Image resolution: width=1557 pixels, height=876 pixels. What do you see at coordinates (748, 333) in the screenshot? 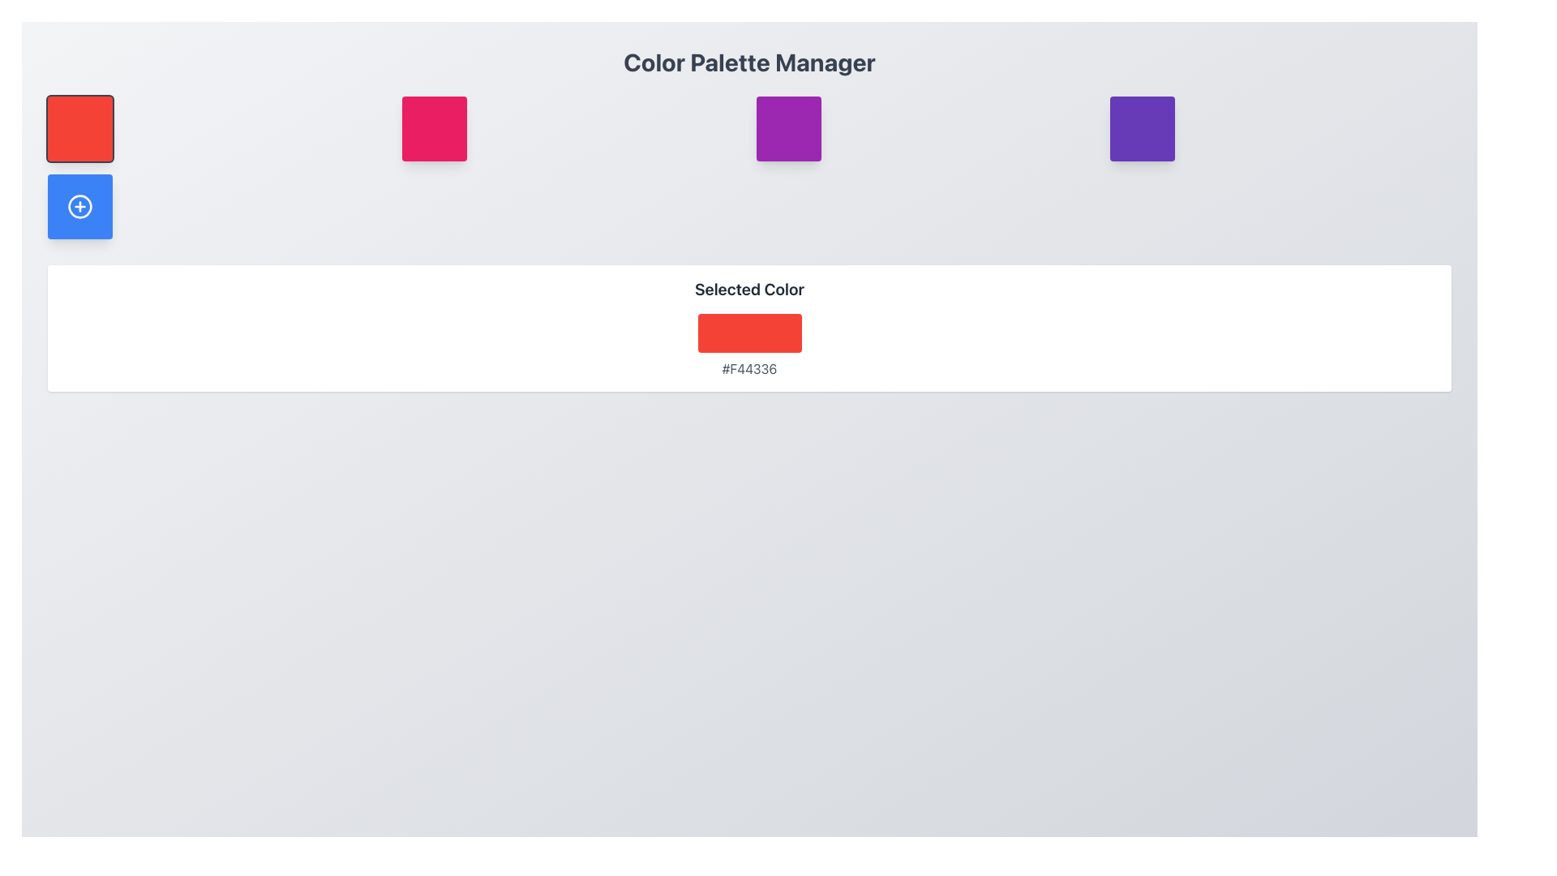
I see `the visual representation of the currently selected color in the color picker interface labeled 'Selected Color', which displays the color code '#F44336'` at bounding box center [748, 333].